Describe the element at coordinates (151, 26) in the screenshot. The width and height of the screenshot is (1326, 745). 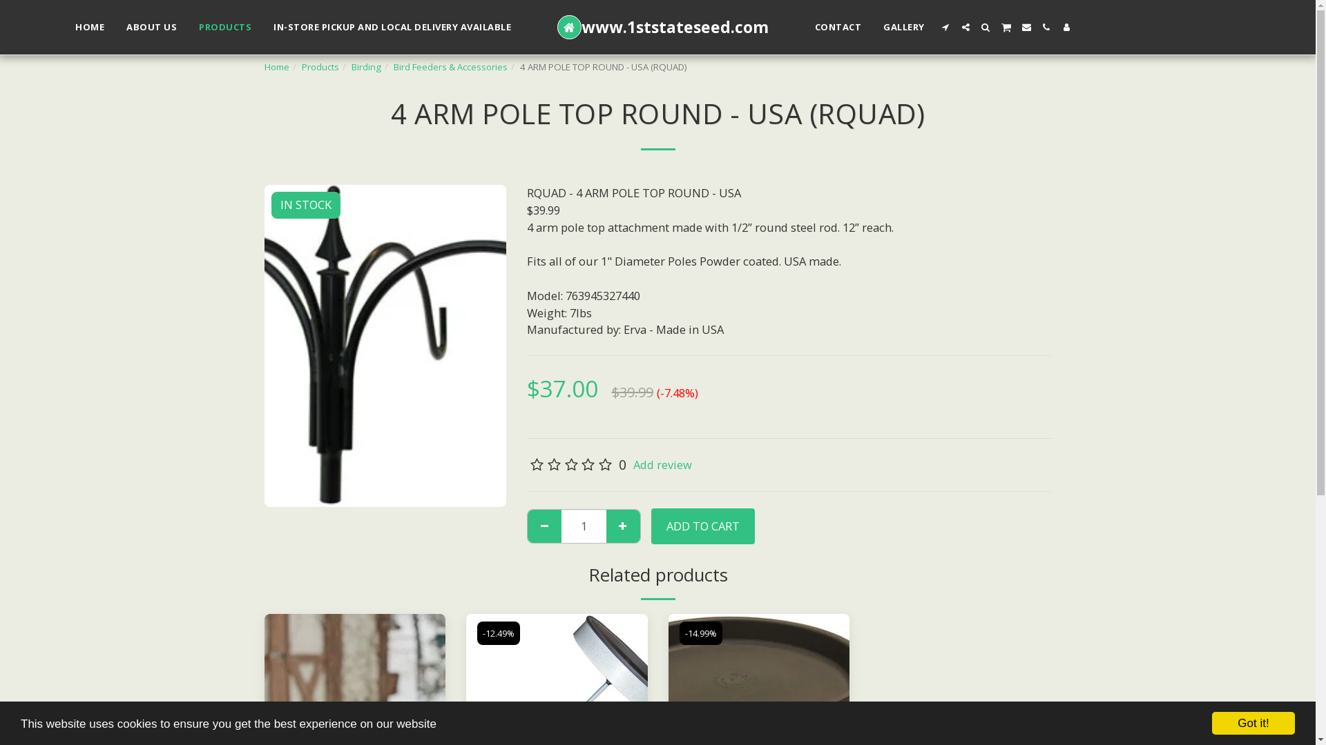
I see `'ABOUT US'` at that location.